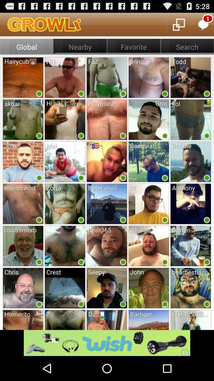 The image size is (214, 381). I want to click on the chat icon, so click(203, 26).